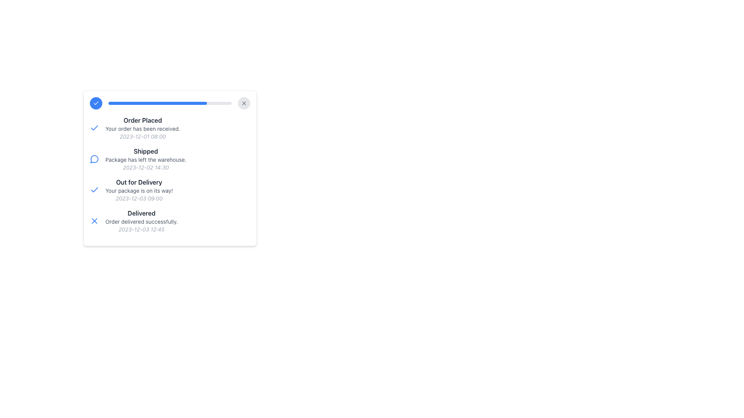 The image size is (744, 418). Describe the element at coordinates (146, 151) in the screenshot. I see `'Shipped' text label, which is styled in bold gray font and indicates the current status in the progression list between 'Order Placed' and 'Out for Delivery'` at that location.